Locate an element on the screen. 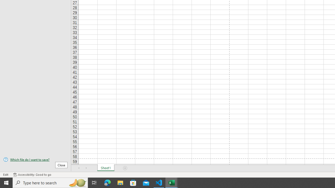 This screenshot has height=188, width=335. 'Add Sheet' is located at coordinates (125, 168).